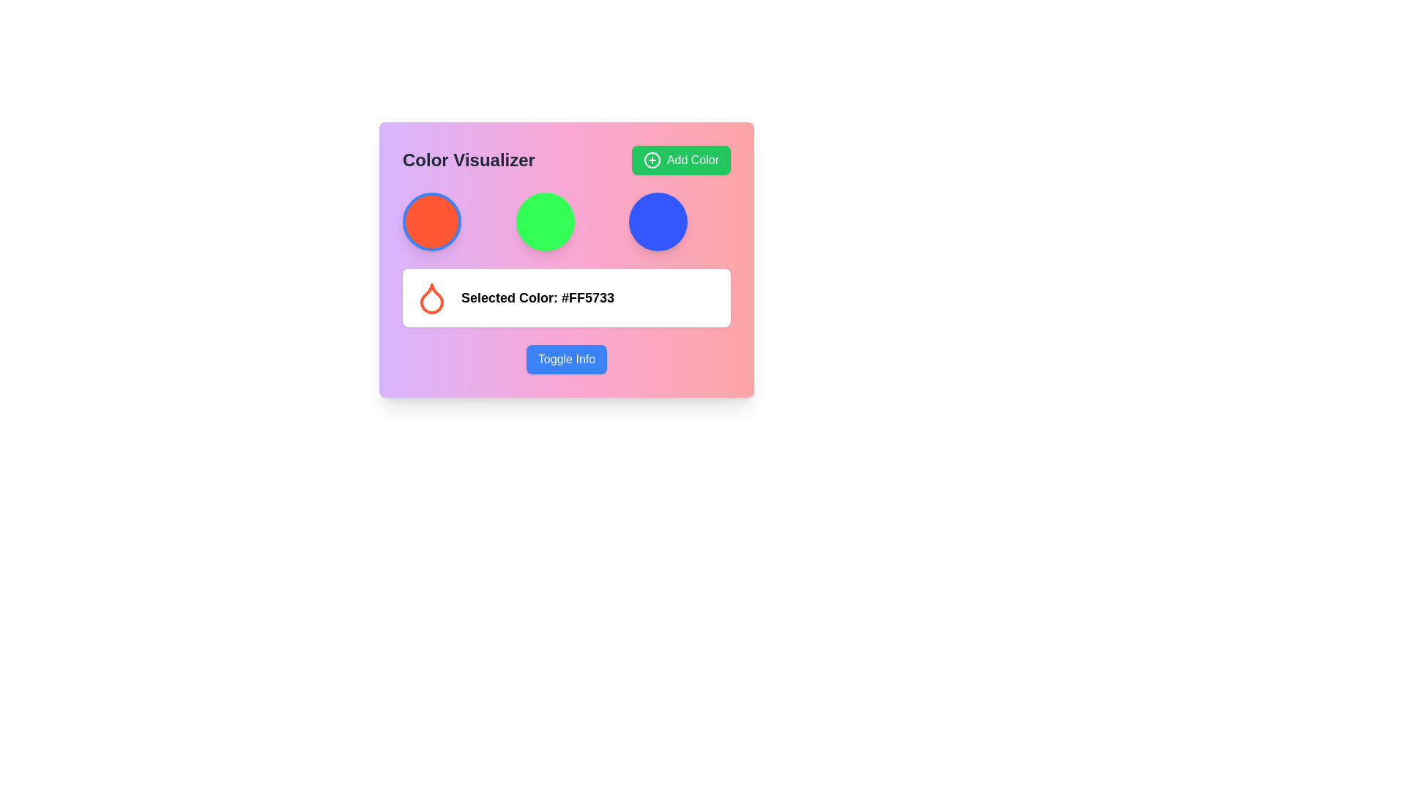  Describe the element at coordinates (431, 298) in the screenshot. I see `the color representation icon that visually indicates the selected hue, located next to the text 'Selected Color: #FF5733'` at that location.